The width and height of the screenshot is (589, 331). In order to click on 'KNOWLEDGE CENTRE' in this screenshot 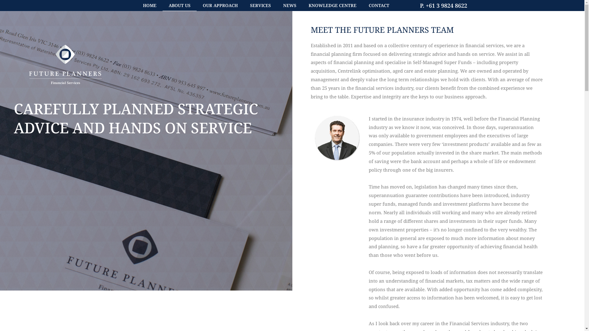, I will do `click(332, 6)`.